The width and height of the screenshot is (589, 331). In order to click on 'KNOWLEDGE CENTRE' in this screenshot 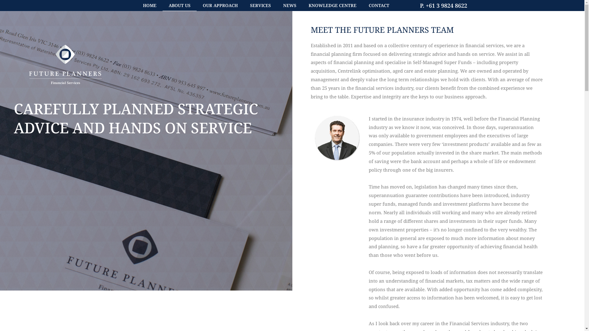, I will do `click(332, 6)`.